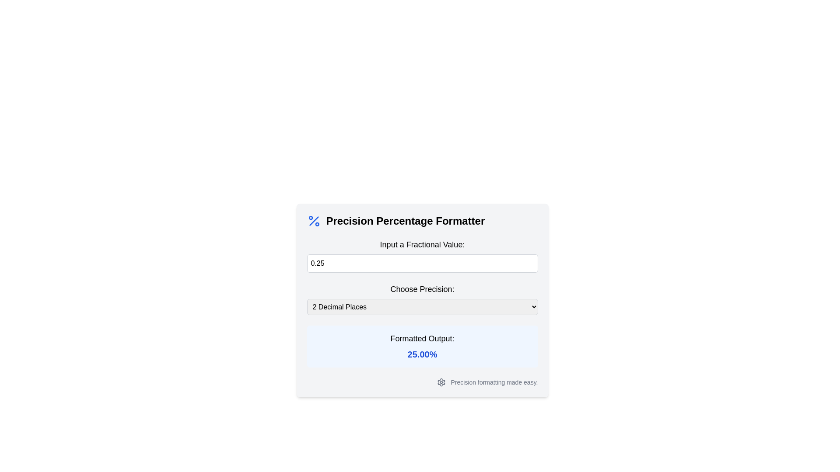 Image resolution: width=840 pixels, height=472 pixels. I want to click on displayed content 'Formatted Output: 25.00%' from the Text Display element which shows the text in normal and bold styles, so click(422, 346).